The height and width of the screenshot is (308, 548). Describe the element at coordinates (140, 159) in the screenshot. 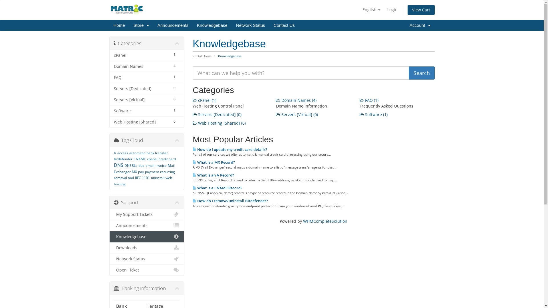

I see `'CNAME'` at that location.